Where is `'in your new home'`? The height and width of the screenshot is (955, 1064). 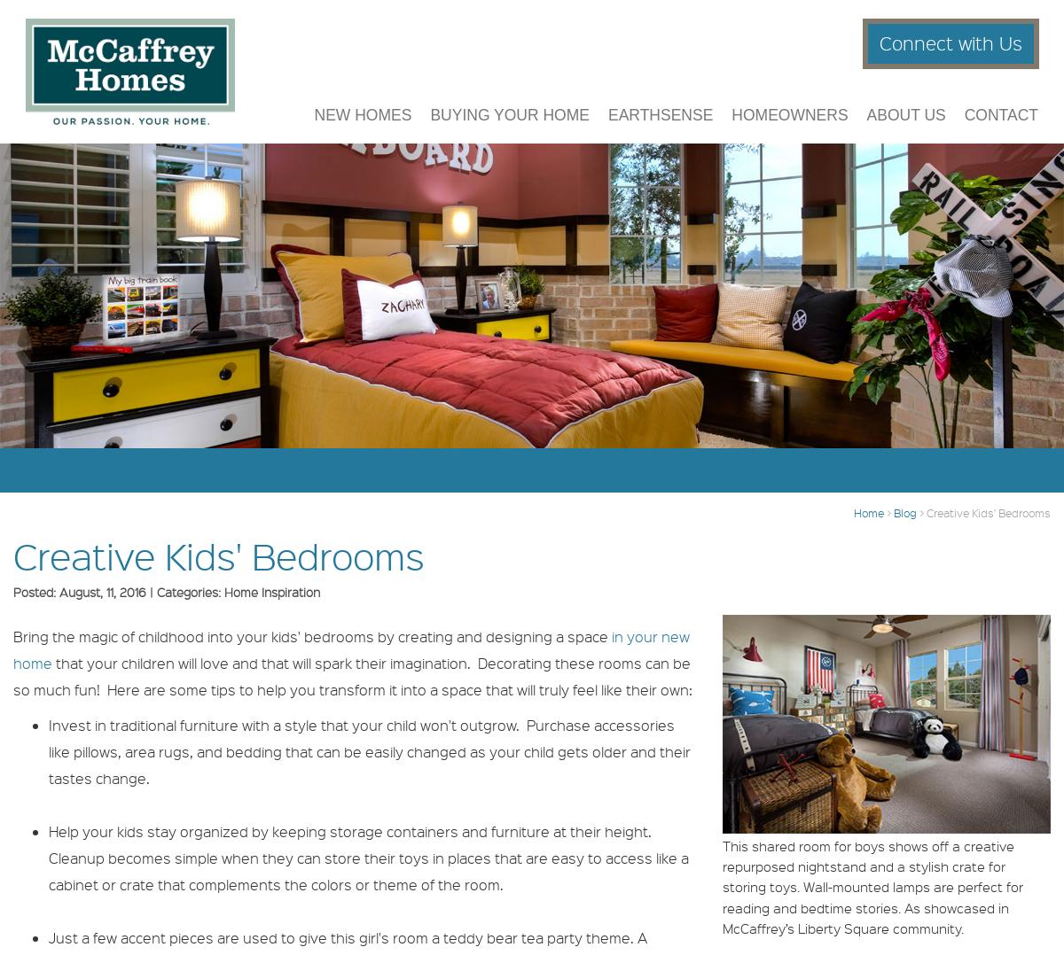
'in your new home' is located at coordinates (351, 648).